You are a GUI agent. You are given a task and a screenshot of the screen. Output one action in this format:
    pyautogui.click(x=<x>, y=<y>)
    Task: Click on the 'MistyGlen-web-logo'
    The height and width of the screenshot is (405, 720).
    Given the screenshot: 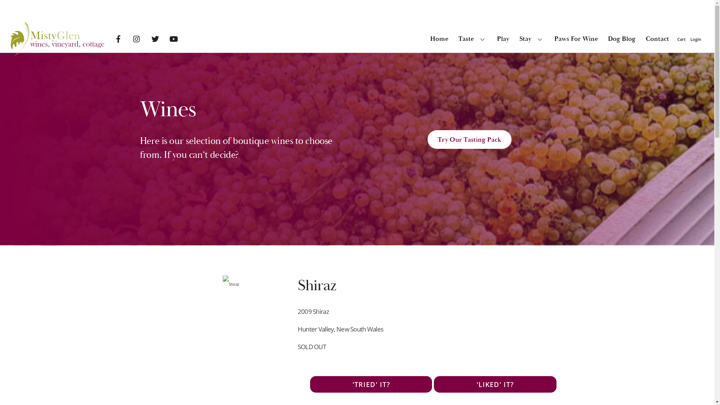 What is the action you would take?
    pyautogui.click(x=10, y=39)
    